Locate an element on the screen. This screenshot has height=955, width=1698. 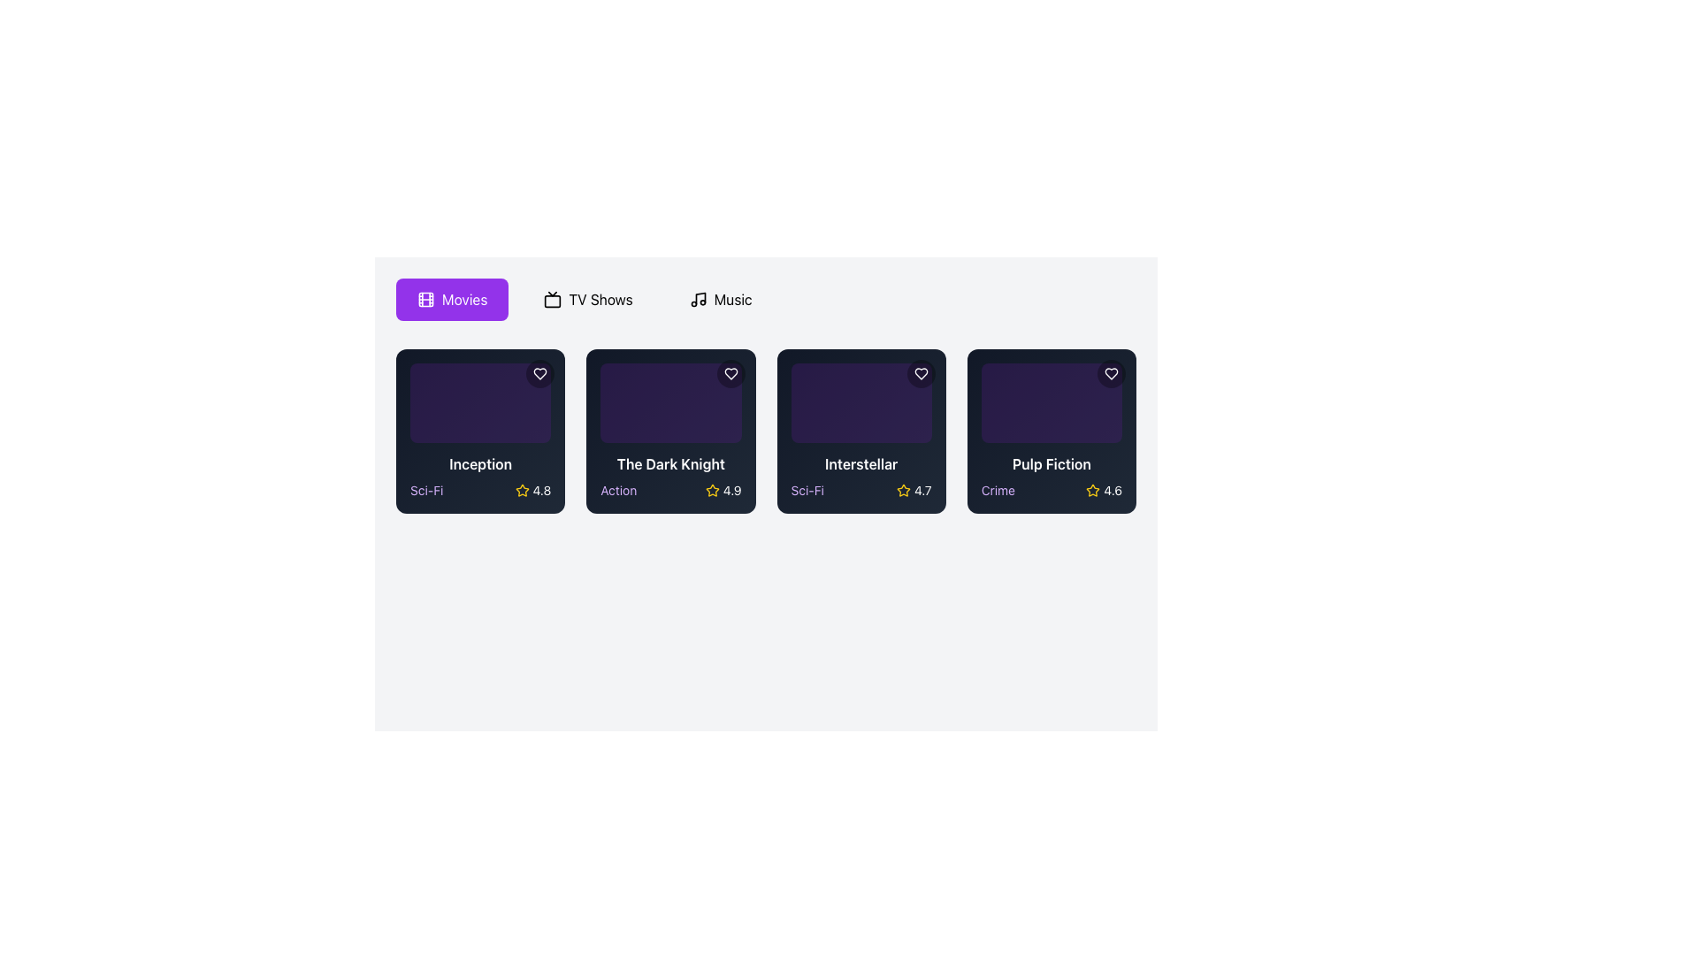
the star-shaped icon with a yellow outline and dark center located next to the numerical rating below the 'Interstellar' card in the movie grid is located at coordinates (904, 490).